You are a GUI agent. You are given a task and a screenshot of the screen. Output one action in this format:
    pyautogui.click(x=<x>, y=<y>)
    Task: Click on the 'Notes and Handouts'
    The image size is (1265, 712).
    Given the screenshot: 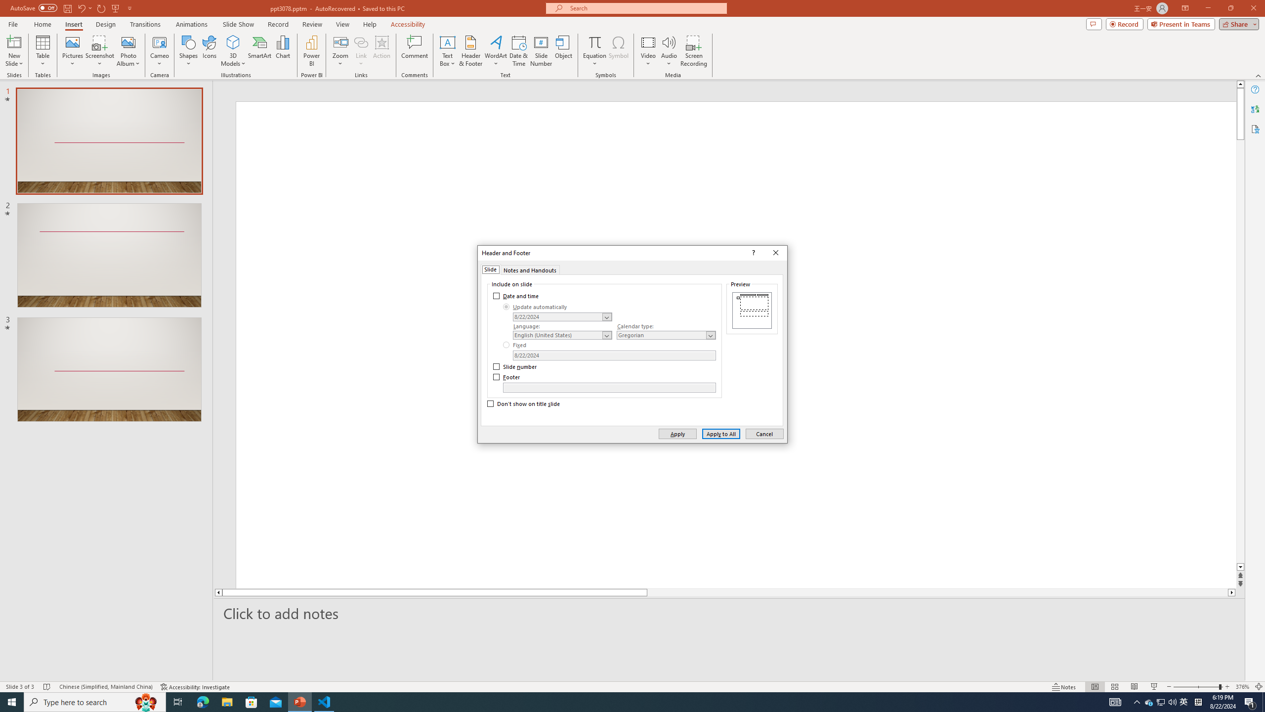 What is the action you would take?
    pyautogui.click(x=530, y=268)
    